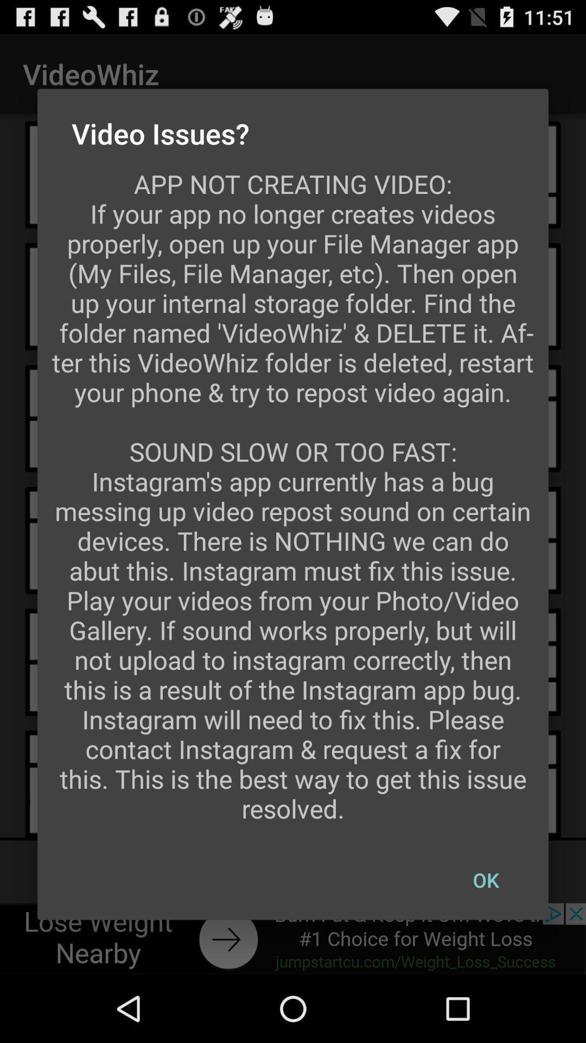 The height and width of the screenshot is (1043, 586). I want to click on ok at the bottom right corner, so click(485, 880).